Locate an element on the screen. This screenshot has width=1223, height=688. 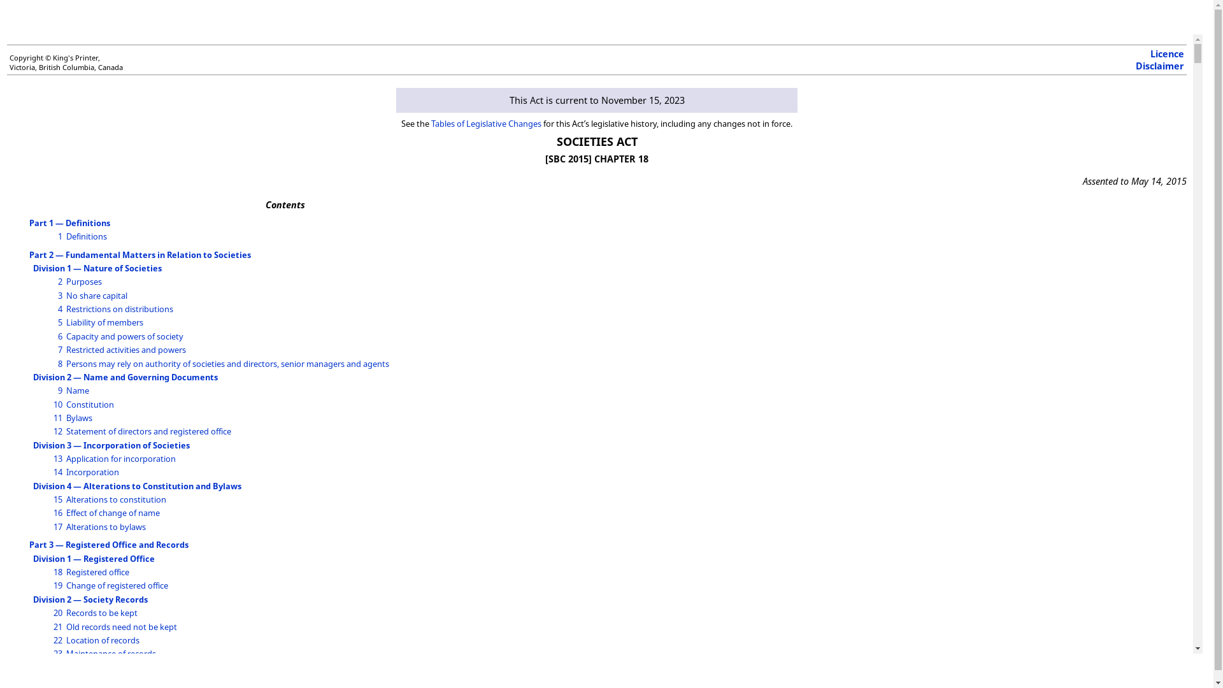
'19' is located at coordinates (57, 585).